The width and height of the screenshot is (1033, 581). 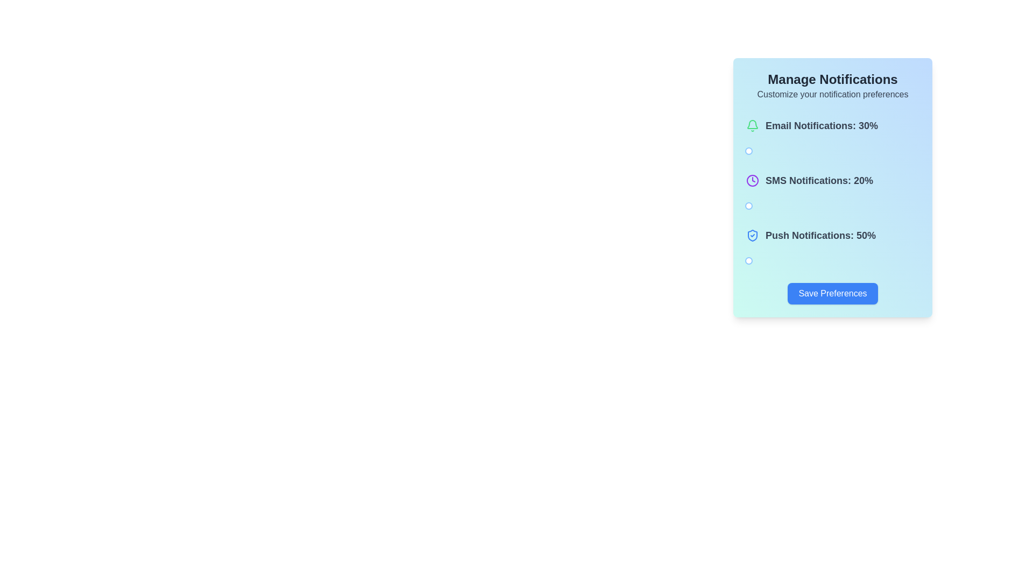 What do you see at coordinates (752, 180) in the screenshot?
I see `the appearance of the clock icon represented by a circle in the notification preferences panel, located next to the 'SMS Notifications: 20%' label` at bounding box center [752, 180].